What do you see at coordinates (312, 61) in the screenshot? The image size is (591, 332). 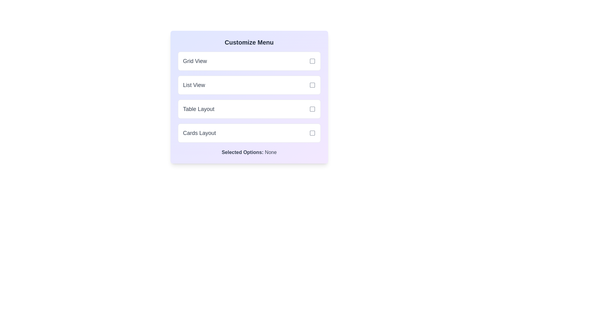 I see `the checkbox element with a minimalistic design and a light gray color` at bounding box center [312, 61].